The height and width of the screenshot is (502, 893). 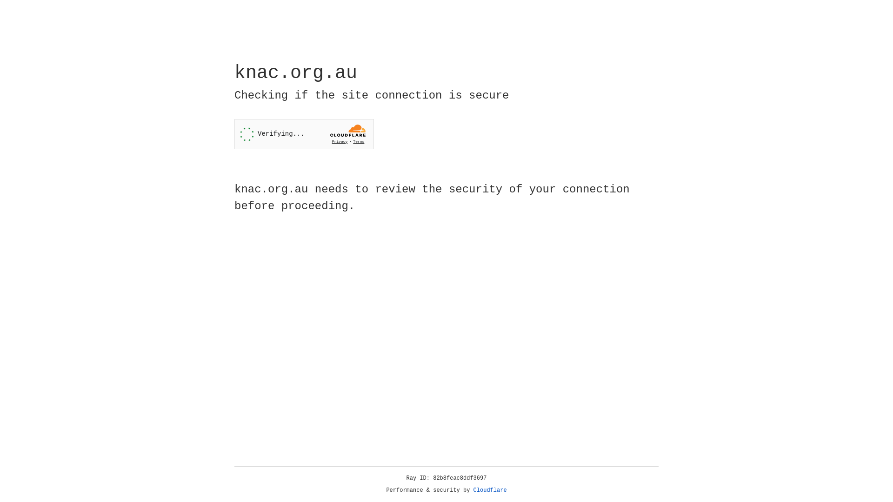 I want to click on 'Widget containing a Cloudflare security challenge', so click(x=304, y=134).